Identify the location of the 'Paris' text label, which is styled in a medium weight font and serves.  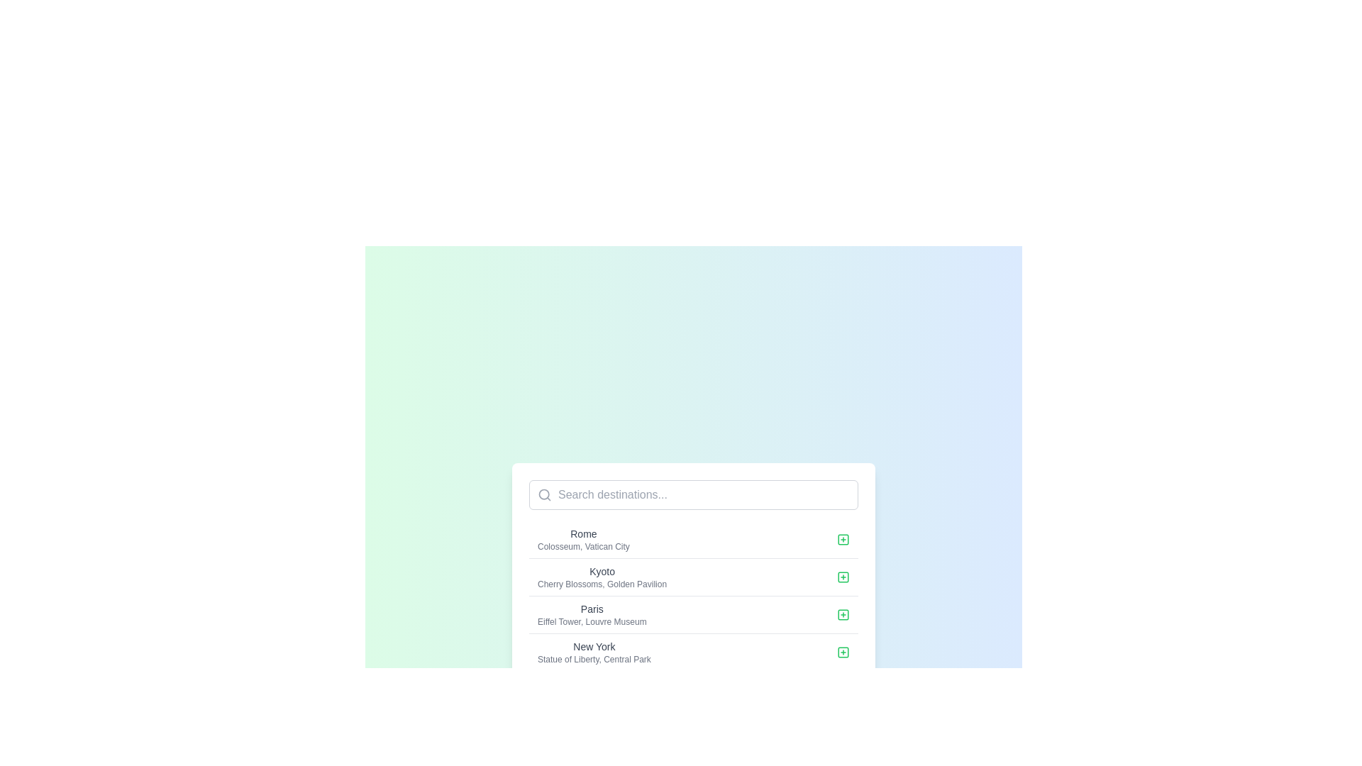
(592, 609).